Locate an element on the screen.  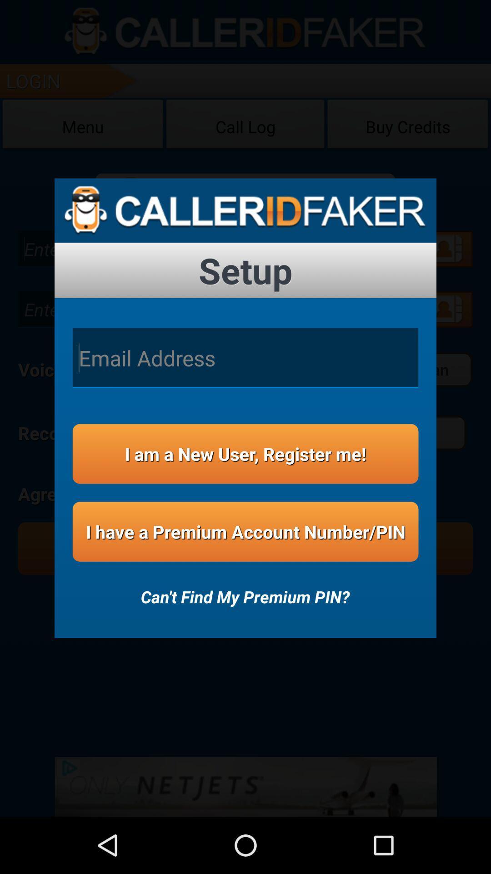
can t find is located at coordinates (245, 590).